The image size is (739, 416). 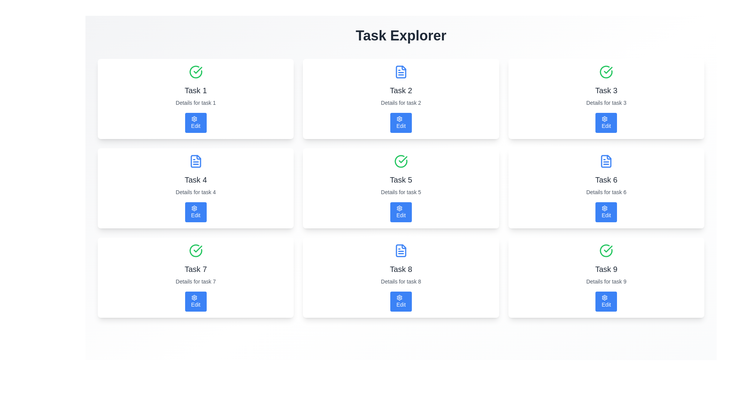 I want to click on the text label representing 'Task 2', located at the top center of the card beneath the blue file icon, so click(x=400, y=90).